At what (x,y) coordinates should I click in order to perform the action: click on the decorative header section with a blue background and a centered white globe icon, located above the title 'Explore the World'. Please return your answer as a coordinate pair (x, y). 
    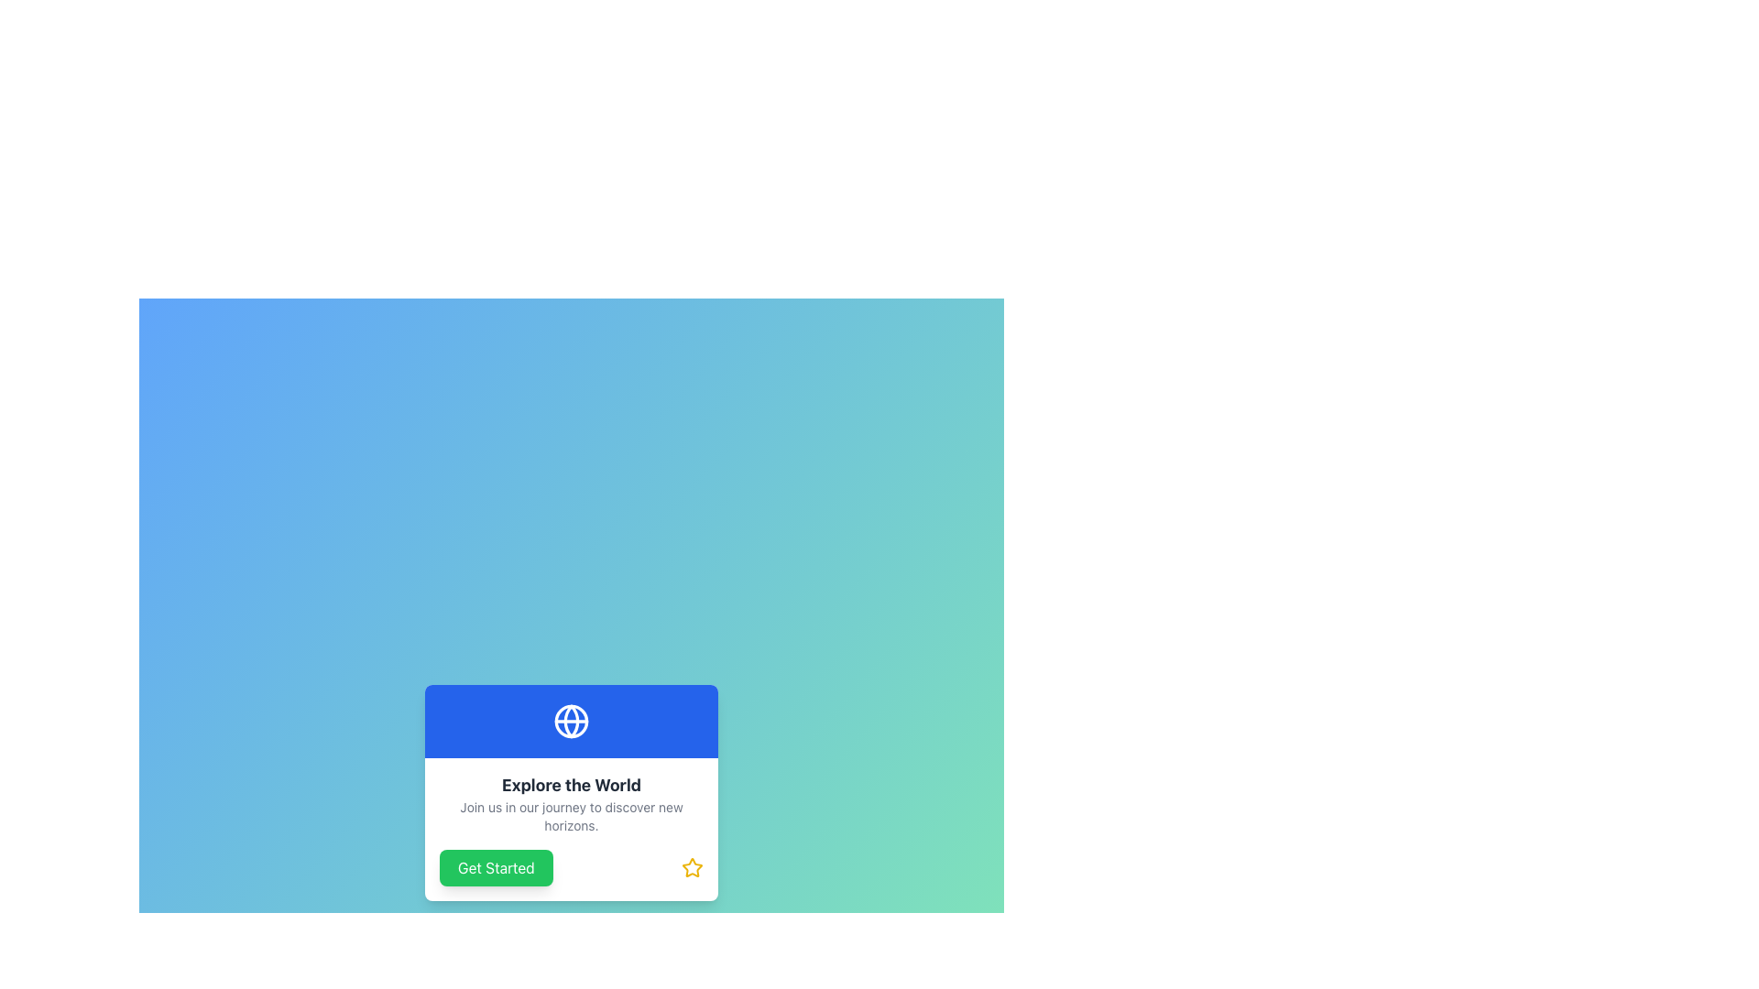
    Looking at the image, I should click on (571, 720).